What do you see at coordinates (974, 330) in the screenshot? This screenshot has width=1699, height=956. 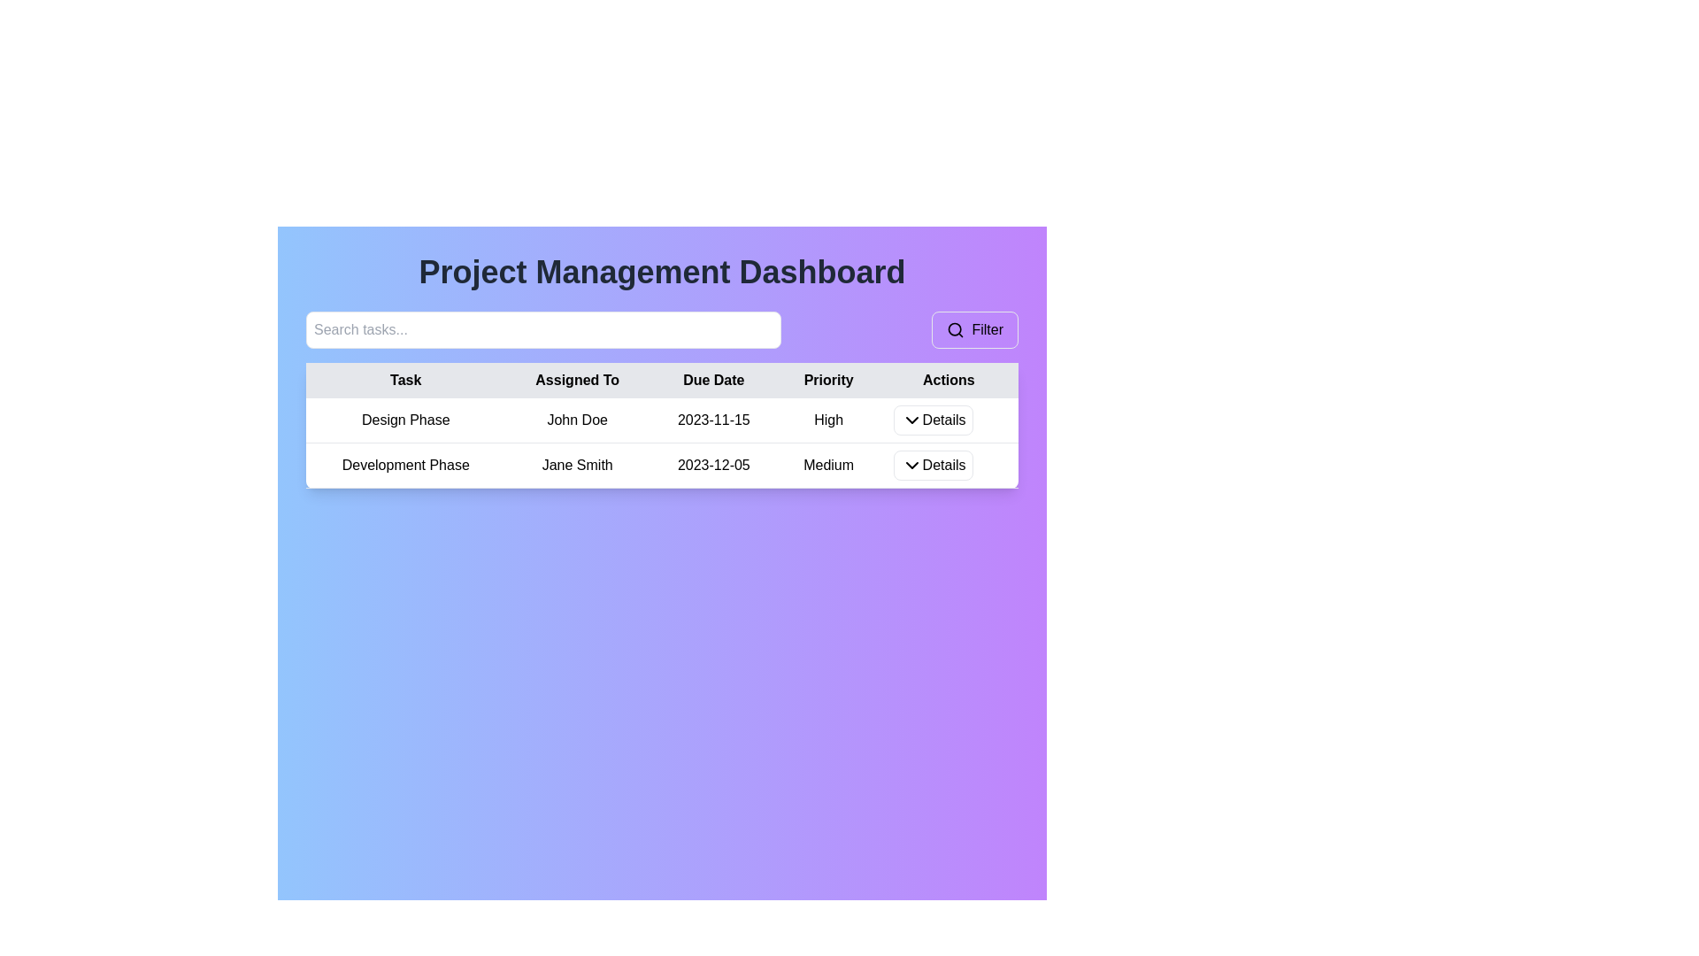 I see `the 'Filter' button, which has rounded corners and a magnifying glass icon` at bounding box center [974, 330].